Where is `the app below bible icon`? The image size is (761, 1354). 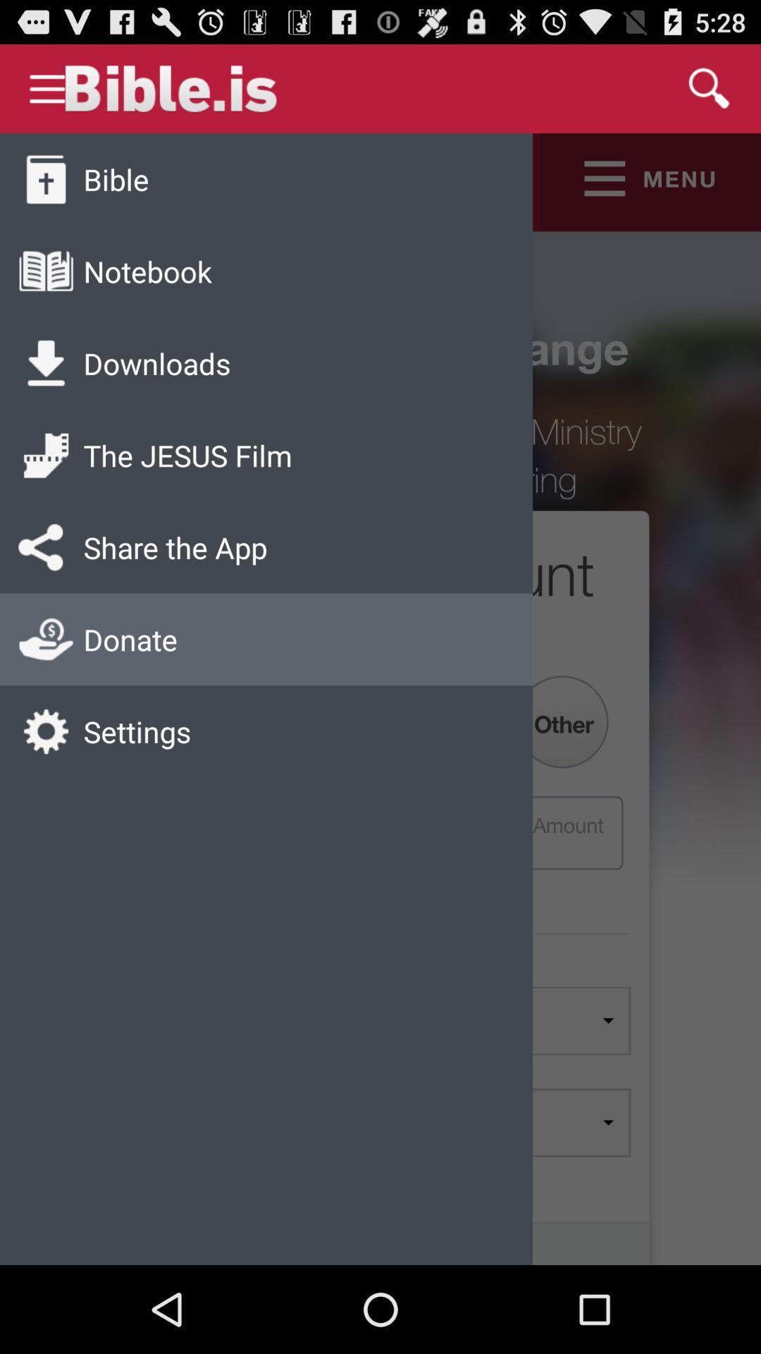 the app below bible icon is located at coordinates (147, 271).